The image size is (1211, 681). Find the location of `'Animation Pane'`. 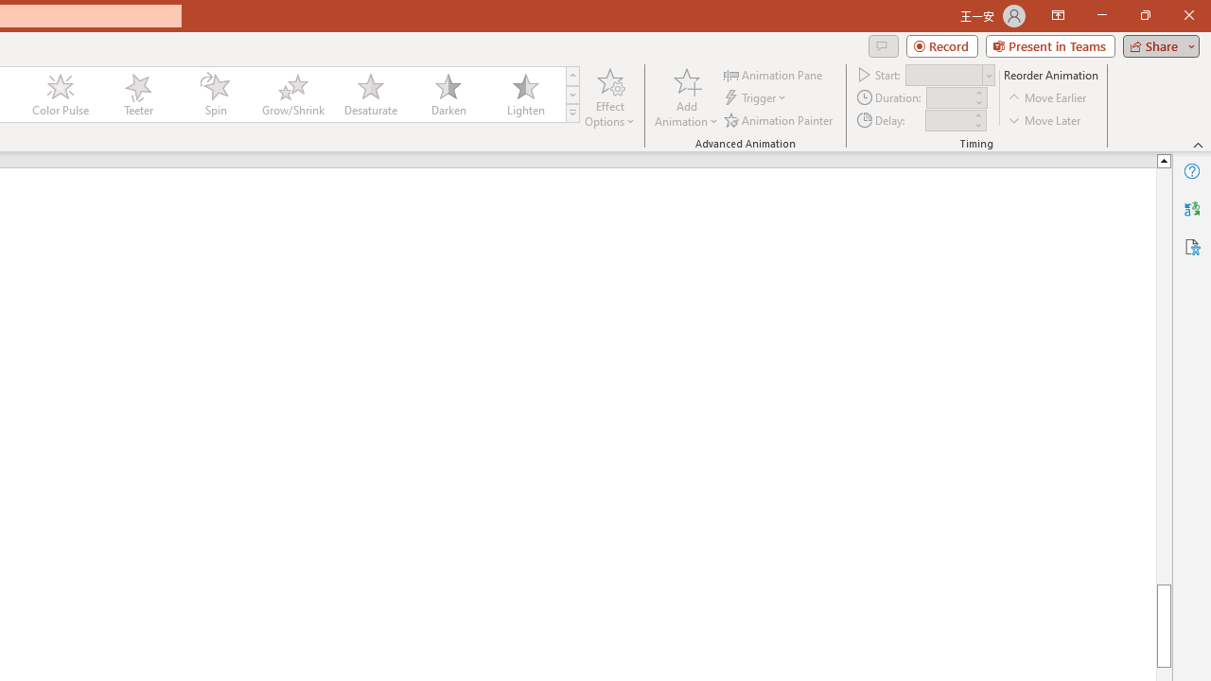

'Animation Pane' is located at coordinates (774, 74).